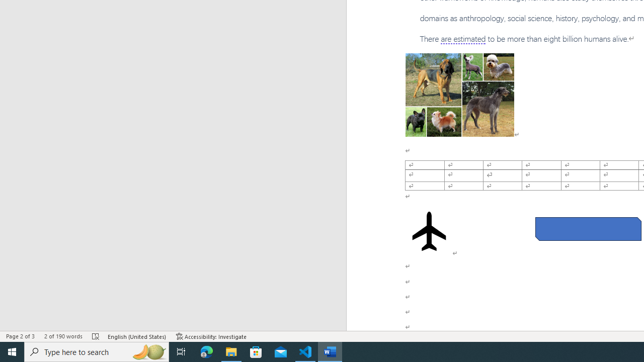 This screenshot has width=644, height=362. What do you see at coordinates (137, 336) in the screenshot?
I see `'Language English (United States)'` at bounding box center [137, 336].